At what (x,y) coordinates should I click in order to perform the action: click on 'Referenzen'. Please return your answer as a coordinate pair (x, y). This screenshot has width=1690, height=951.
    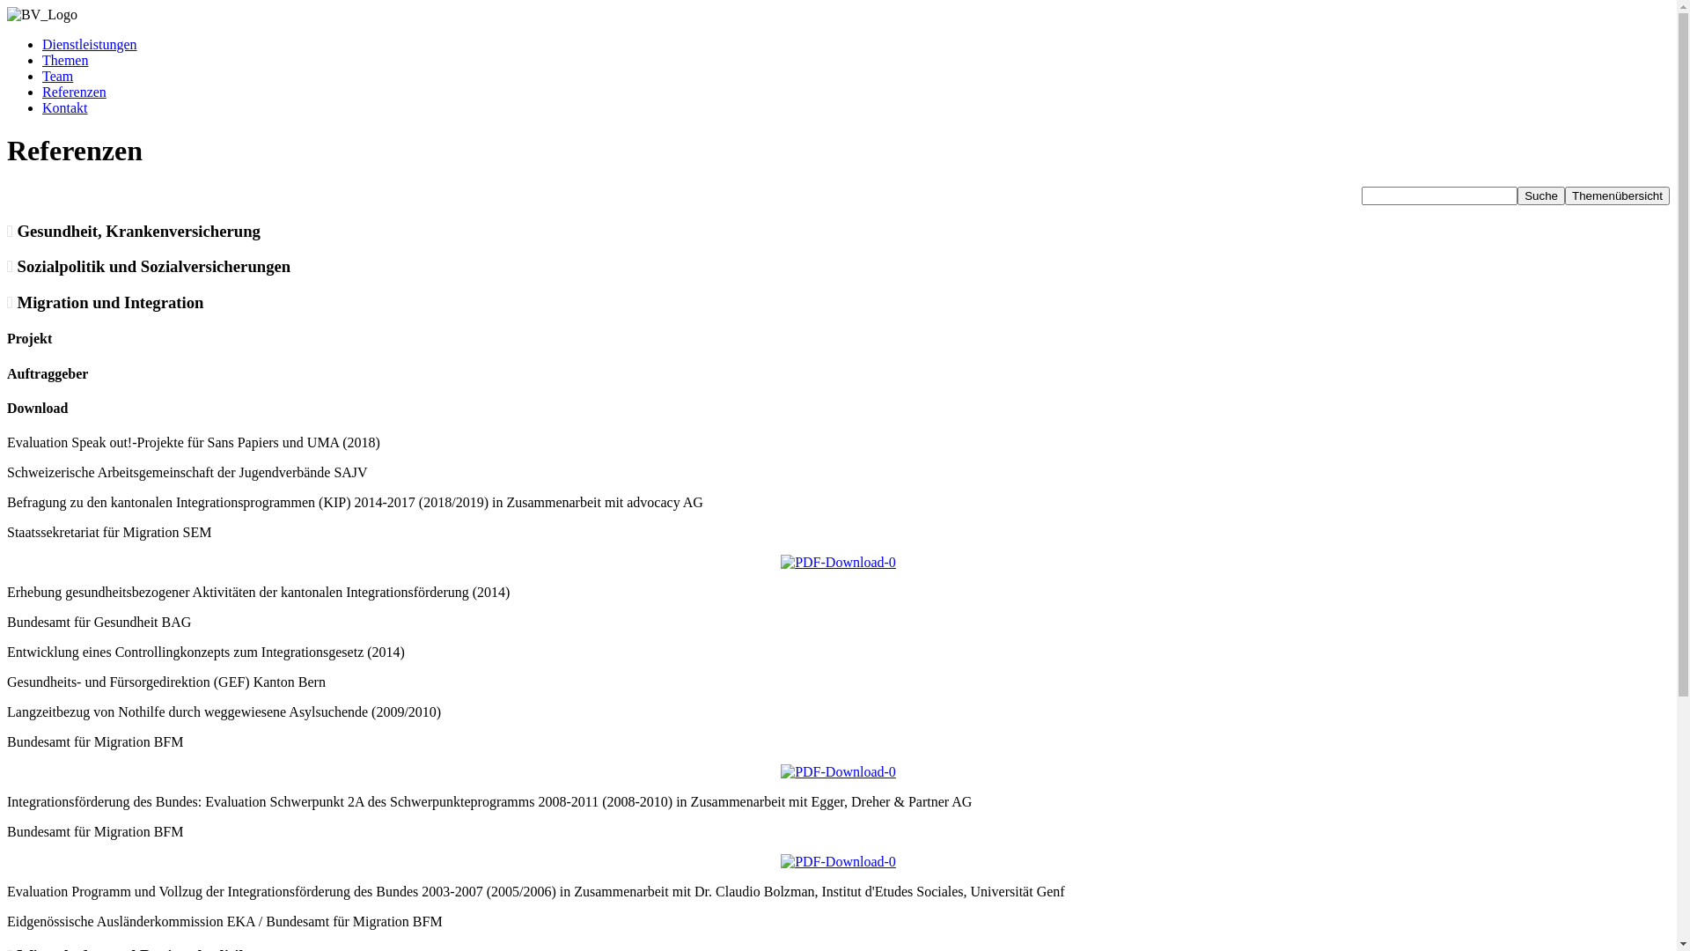
    Looking at the image, I should click on (73, 92).